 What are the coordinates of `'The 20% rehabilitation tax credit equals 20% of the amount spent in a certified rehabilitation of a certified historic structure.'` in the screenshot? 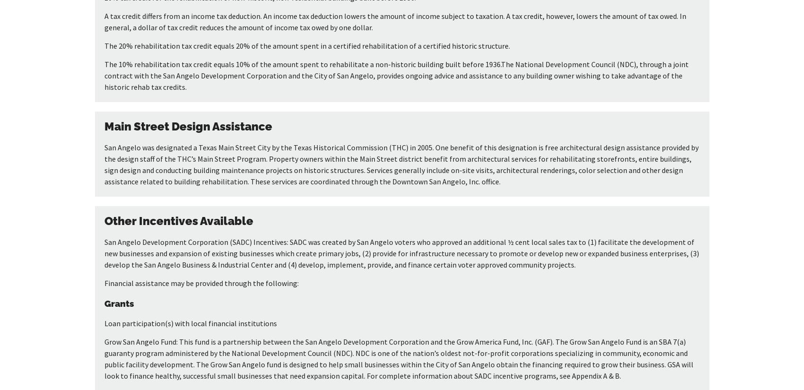 It's located at (306, 46).